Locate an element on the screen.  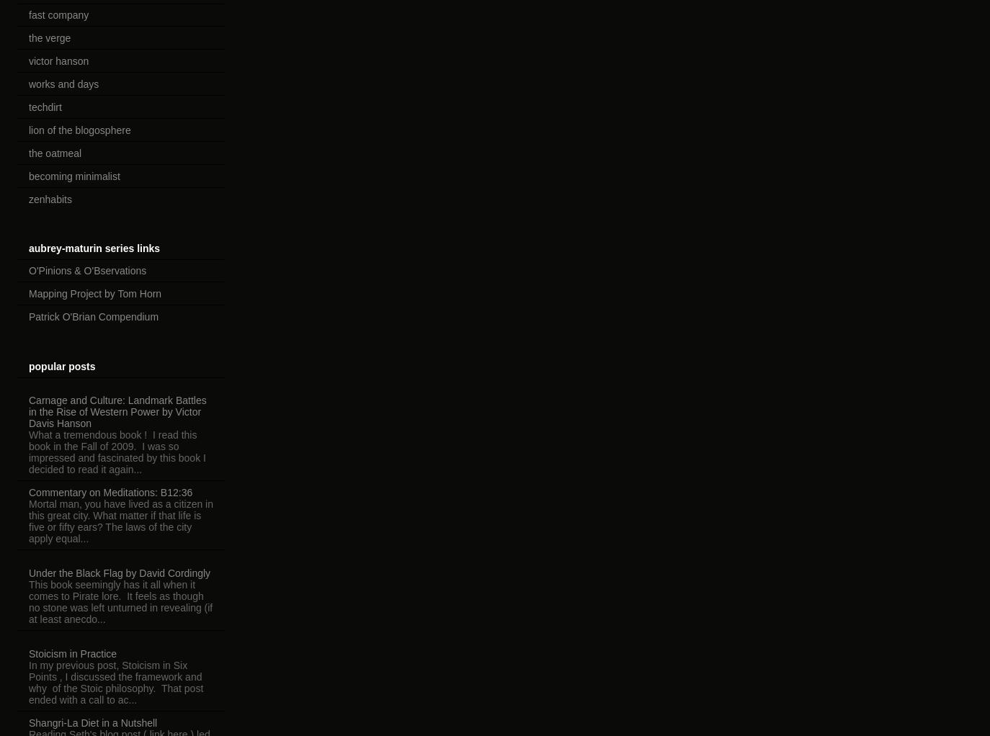
'Commentary on Meditations: B12:36' is located at coordinates (27, 491).